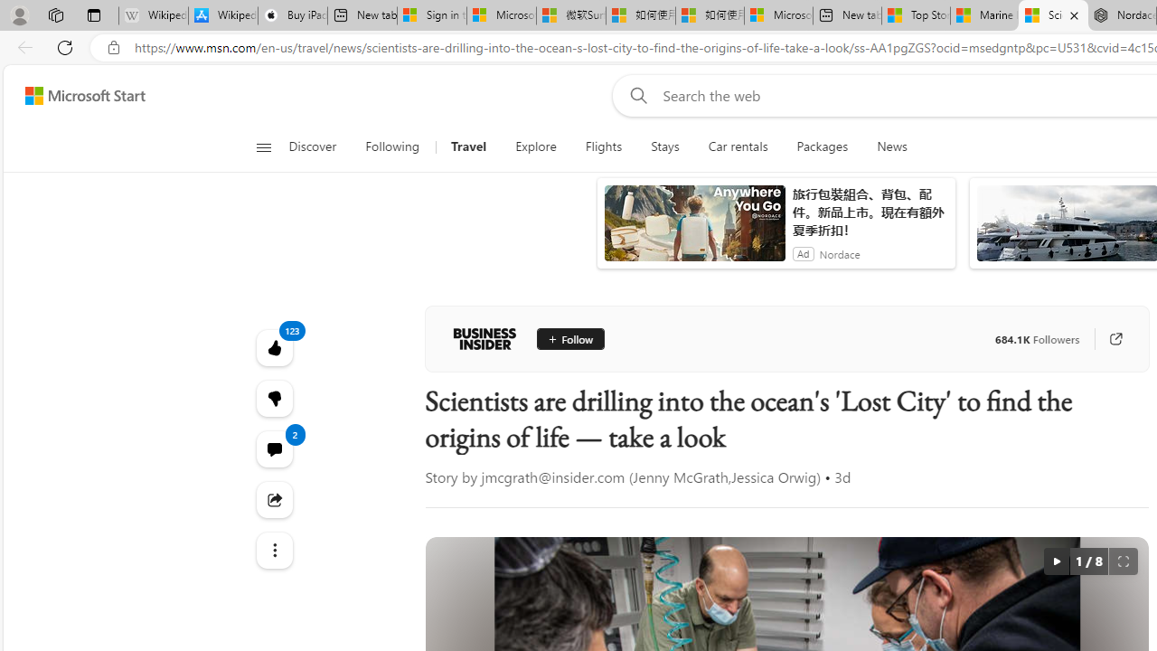  I want to click on 'Share this story', so click(273, 499).